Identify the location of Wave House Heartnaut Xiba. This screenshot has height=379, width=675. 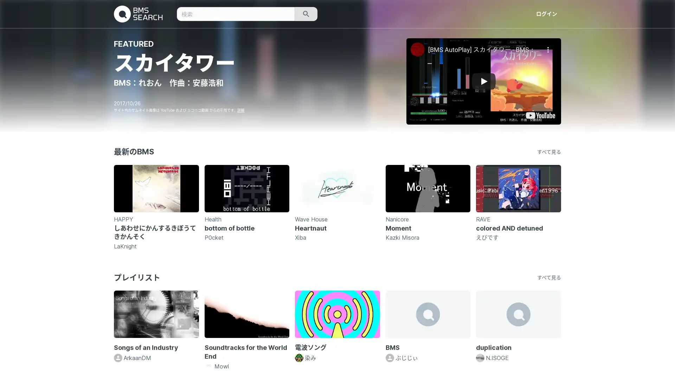
(337, 207).